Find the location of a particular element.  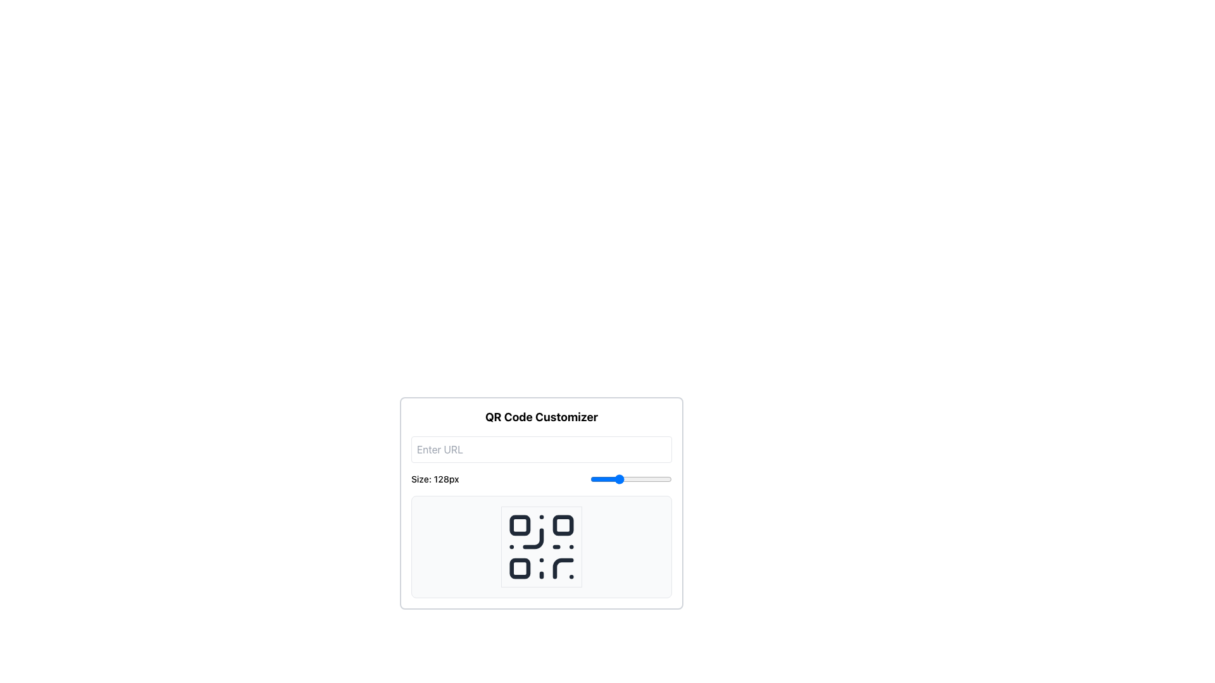

the small square with rounded corners located in the lower-left section of the QR code graphic, which is filled with a light color and has a dark outline is located at coordinates (520, 568).